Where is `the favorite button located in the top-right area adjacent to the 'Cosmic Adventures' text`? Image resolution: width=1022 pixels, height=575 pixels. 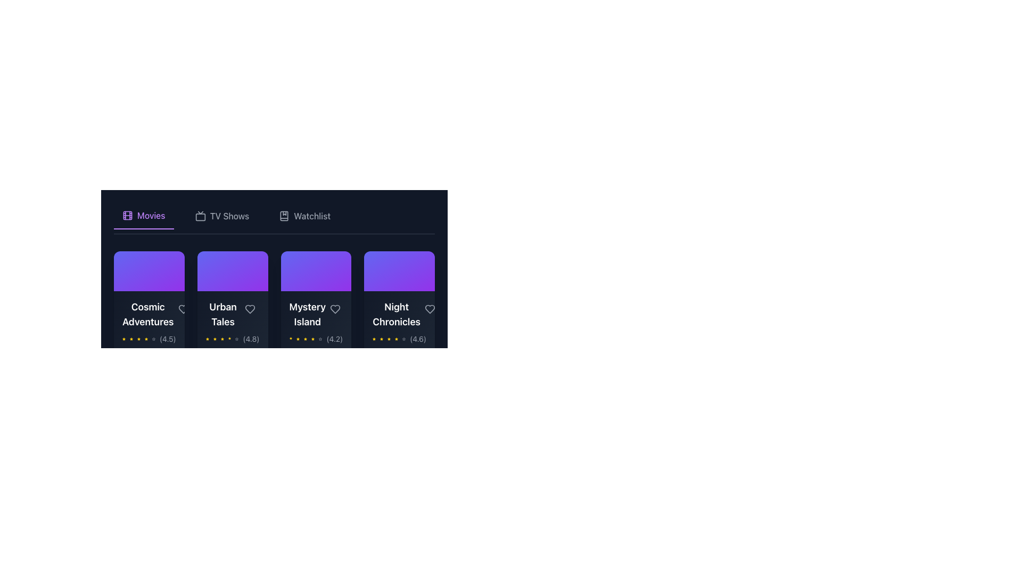 the favorite button located in the top-right area adjacent to the 'Cosmic Adventures' text is located at coordinates (183, 309).